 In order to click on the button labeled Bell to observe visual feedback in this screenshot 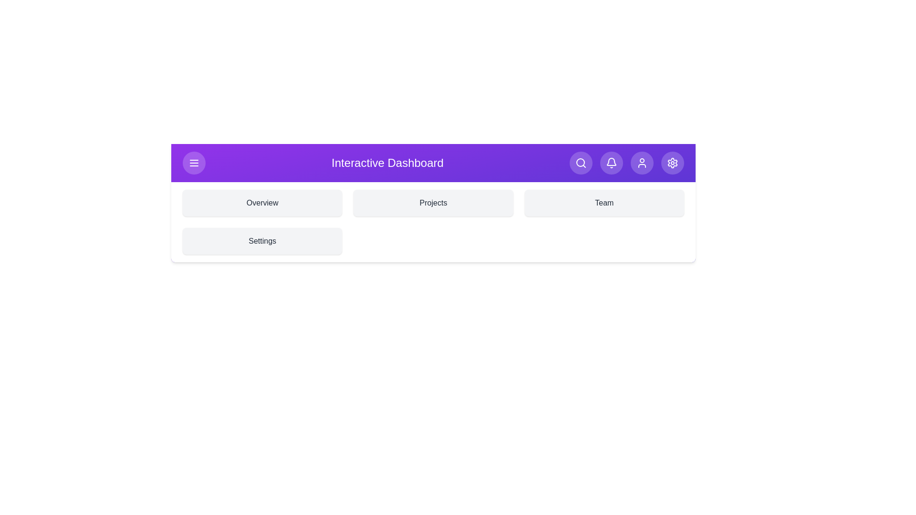, I will do `click(611, 163)`.